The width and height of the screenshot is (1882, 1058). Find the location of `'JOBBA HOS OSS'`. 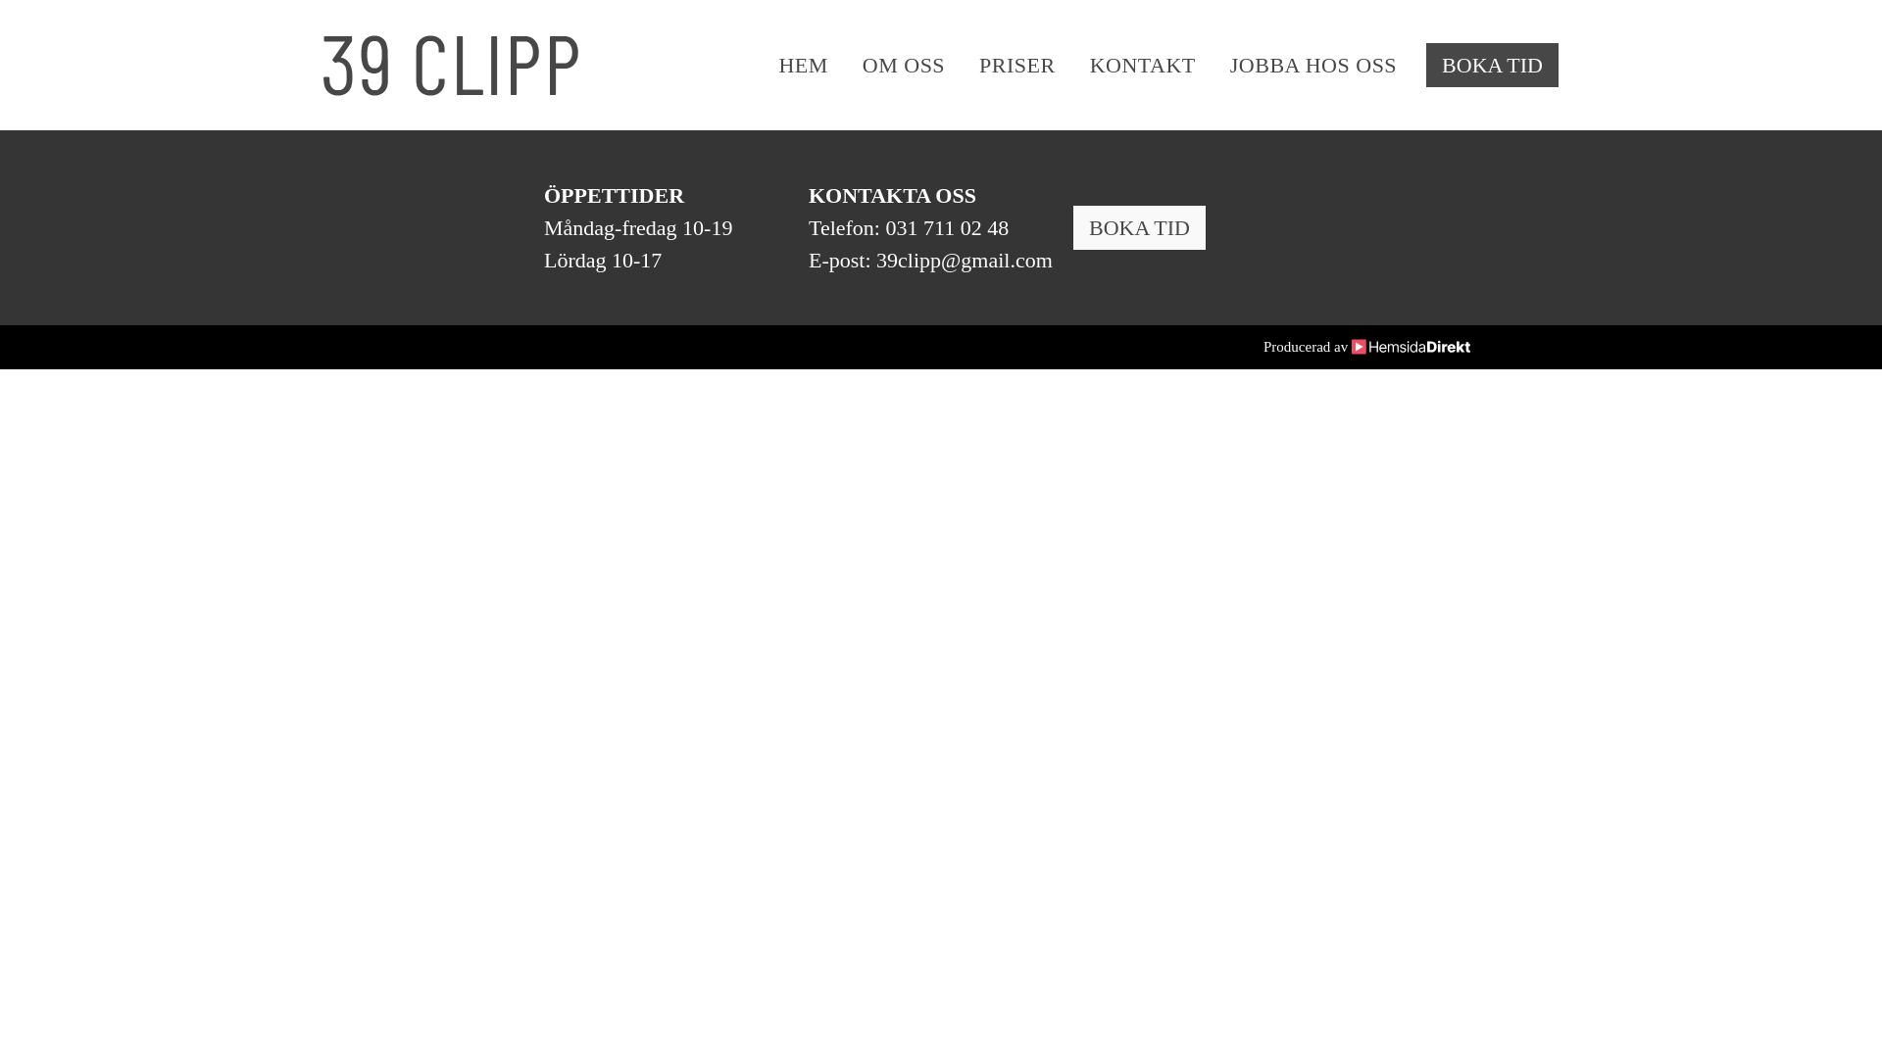

'JOBBA HOS OSS' is located at coordinates (1296, 64).